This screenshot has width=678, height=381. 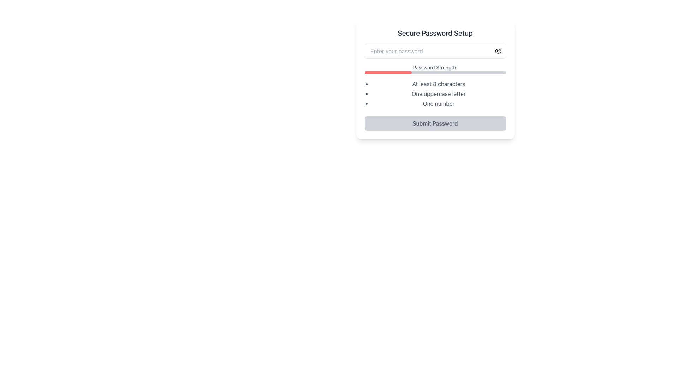 I want to click on the eye icon button located at the far right of the 'Enter your password' input field, so click(x=498, y=51).